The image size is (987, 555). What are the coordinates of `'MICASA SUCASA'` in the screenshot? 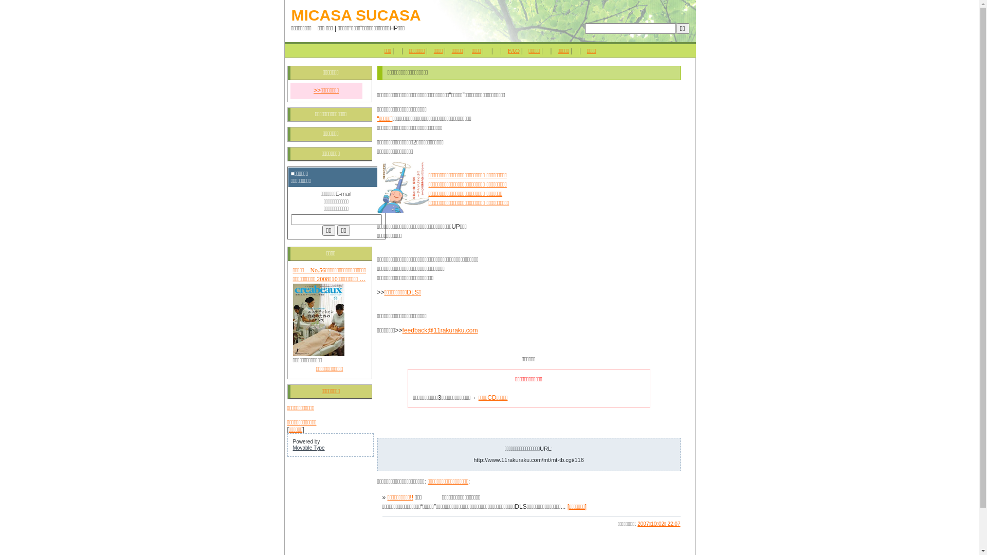 It's located at (355, 15).